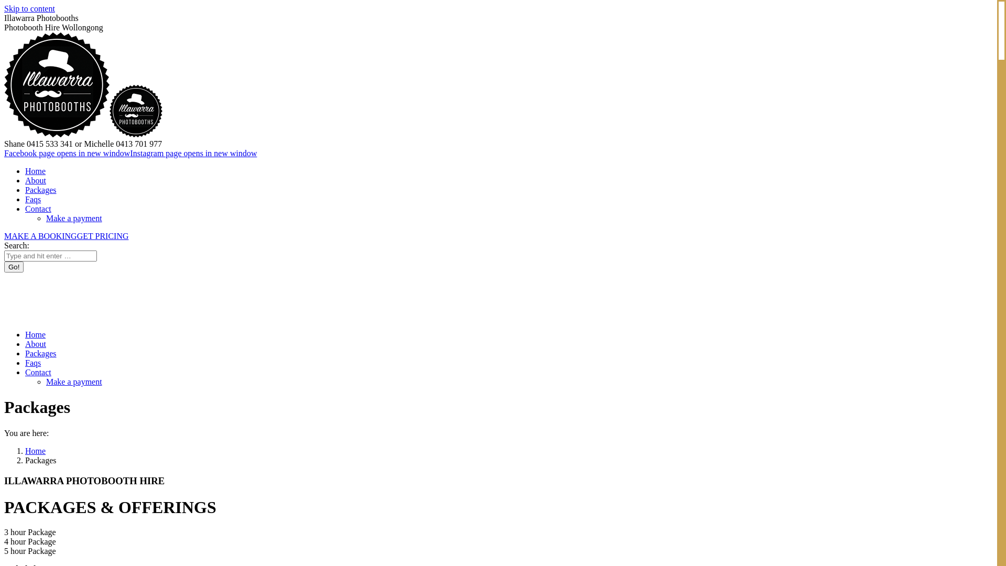 This screenshot has width=1006, height=566. Describe the element at coordinates (38, 209) in the screenshot. I see `'Contact'` at that location.